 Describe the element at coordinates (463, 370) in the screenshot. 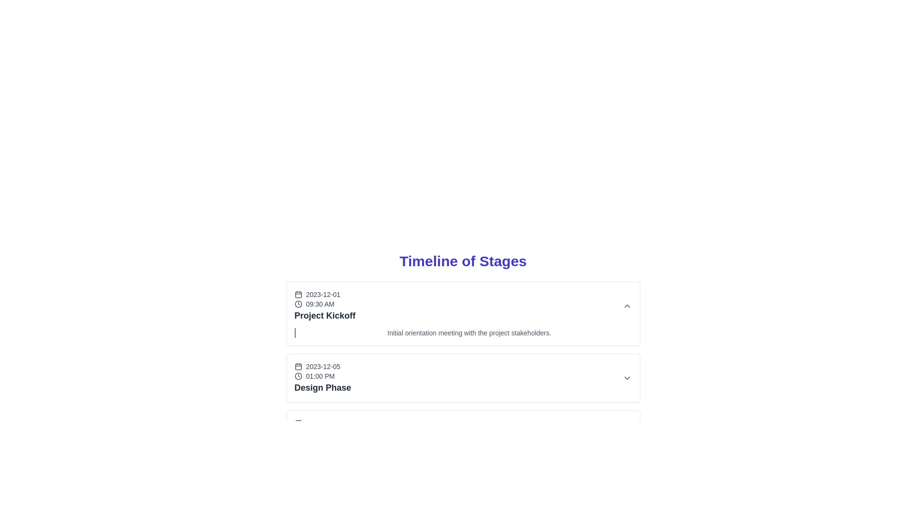

I see `the 'Design Phase' timeline entry` at that location.